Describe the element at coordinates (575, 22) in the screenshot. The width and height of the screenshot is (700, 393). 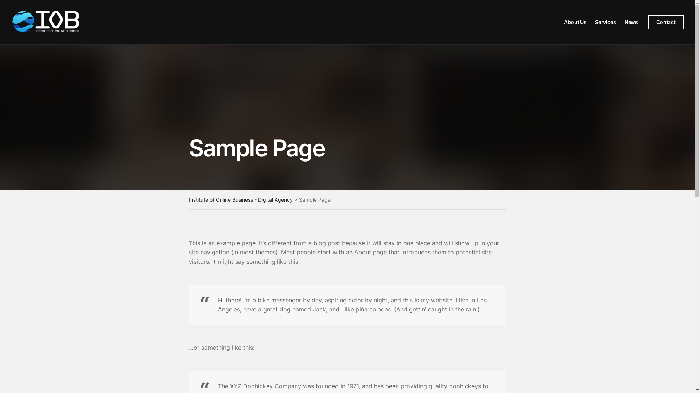
I see `'About Us'` at that location.